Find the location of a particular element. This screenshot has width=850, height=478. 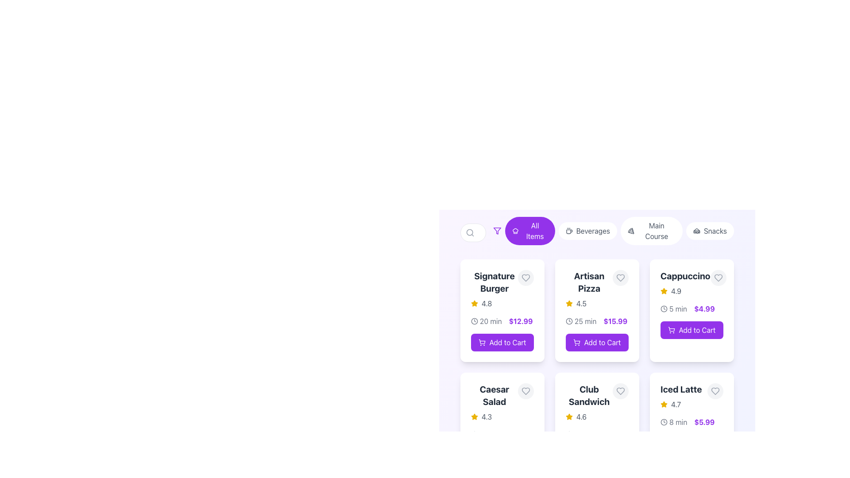

the 'Add to Cart' button located at the bottom of the card displaying information about 'Artisan Pizza' is located at coordinates (597, 315).